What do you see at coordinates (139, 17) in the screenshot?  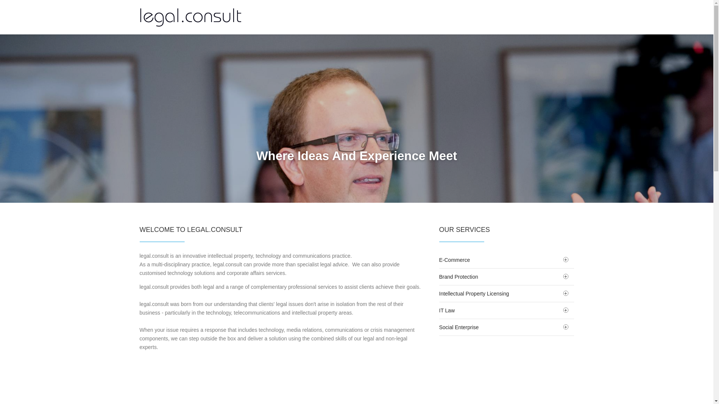 I see `'Home'` at bounding box center [139, 17].